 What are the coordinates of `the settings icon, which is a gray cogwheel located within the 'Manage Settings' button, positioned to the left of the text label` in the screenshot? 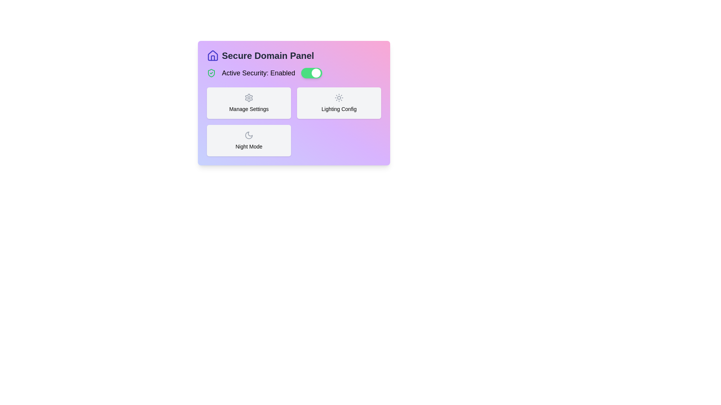 It's located at (249, 97).